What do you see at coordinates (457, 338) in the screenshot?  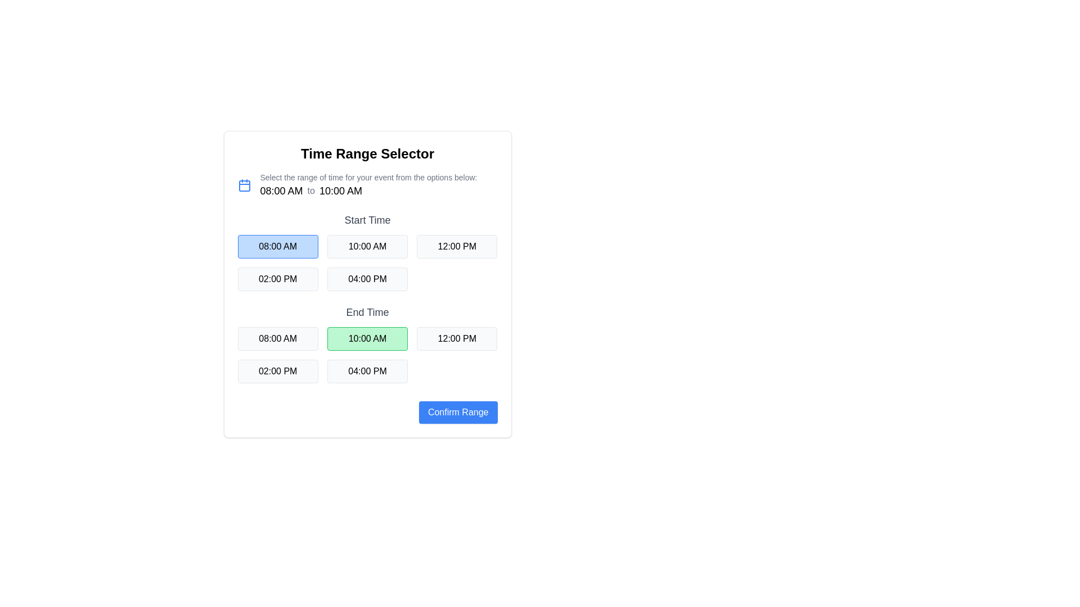 I see `the selectable time option button labeled '12:00 PM', located in the bottom row of the grid under the 'End Time' section` at bounding box center [457, 338].